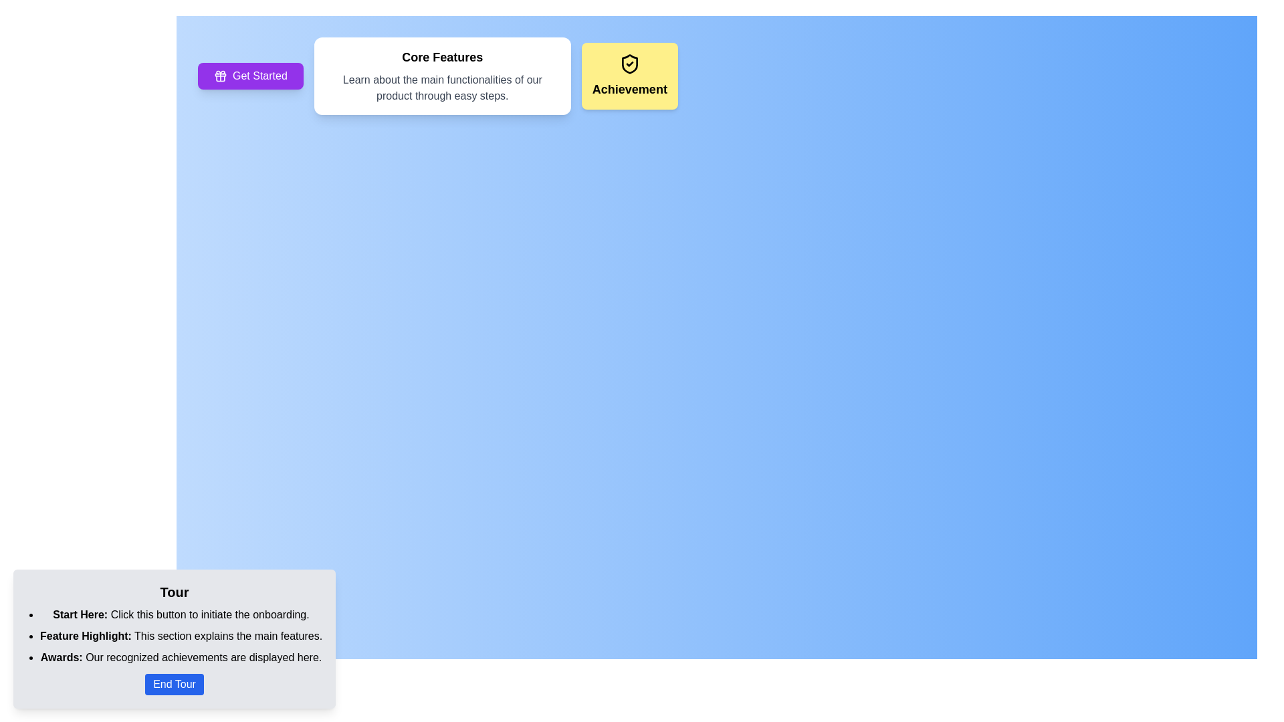  What do you see at coordinates (85, 635) in the screenshot?
I see `the bold text label reading 'Feature Highlight:' located in the bottom-left corner of the interface, which indicates a subsection title within a textual popup` at bounding box center [85, 635].